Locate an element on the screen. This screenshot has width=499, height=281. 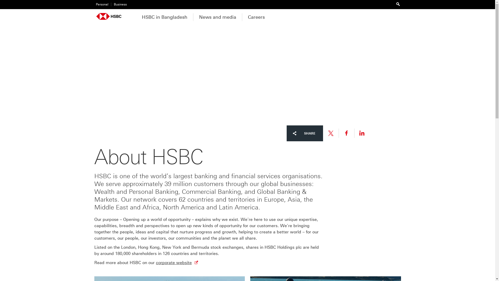
'Careers' is located at coordinates (241, 16).